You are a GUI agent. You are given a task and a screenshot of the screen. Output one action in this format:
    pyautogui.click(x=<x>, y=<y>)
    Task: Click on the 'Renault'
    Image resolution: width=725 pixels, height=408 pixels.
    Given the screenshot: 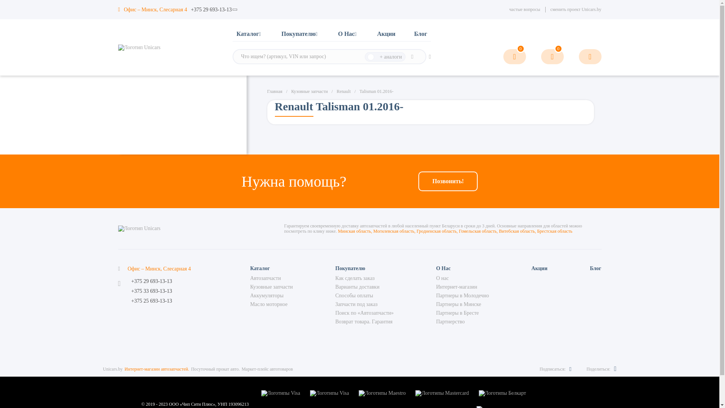 What is the action you would take?
    pyautogui.click(x=343, y=91)
    